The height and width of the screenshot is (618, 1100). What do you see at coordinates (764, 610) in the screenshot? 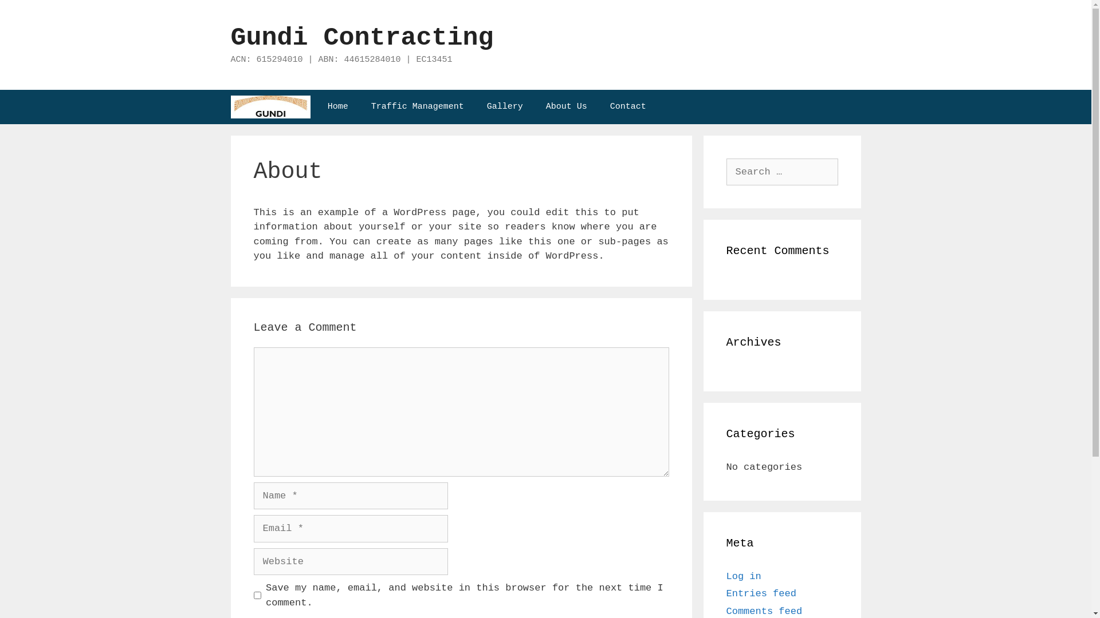
I see `'Comments feed'` at bounding box center [764, 610].